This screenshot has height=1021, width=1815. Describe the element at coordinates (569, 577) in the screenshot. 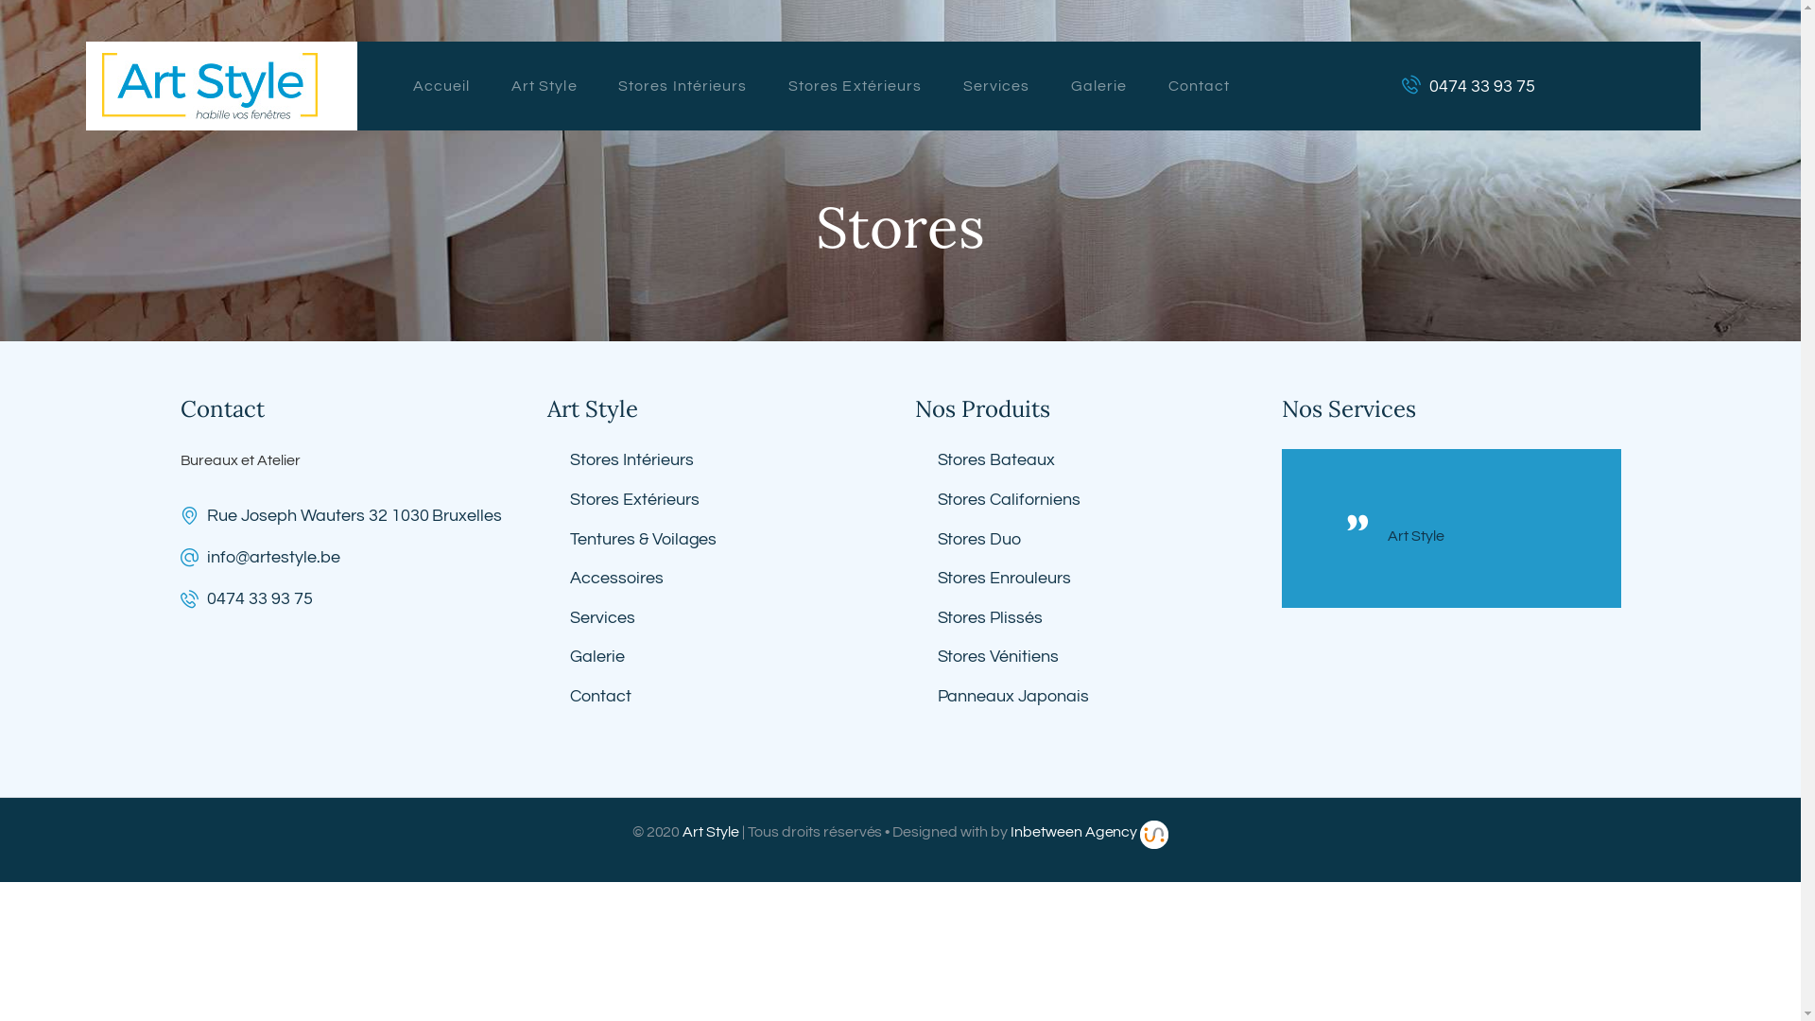

I see `'Accessoires'` at that location.